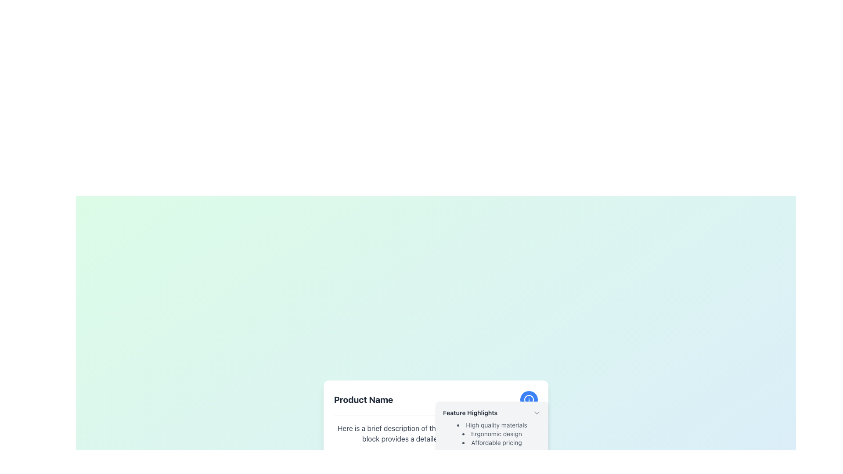  What do you see at coordinates (528, 399) in the screenshot?
I see `the button with an SVG icon located at the upper-right side of the interface, after the 'Product Name' title` at bounding box center [528, 399].